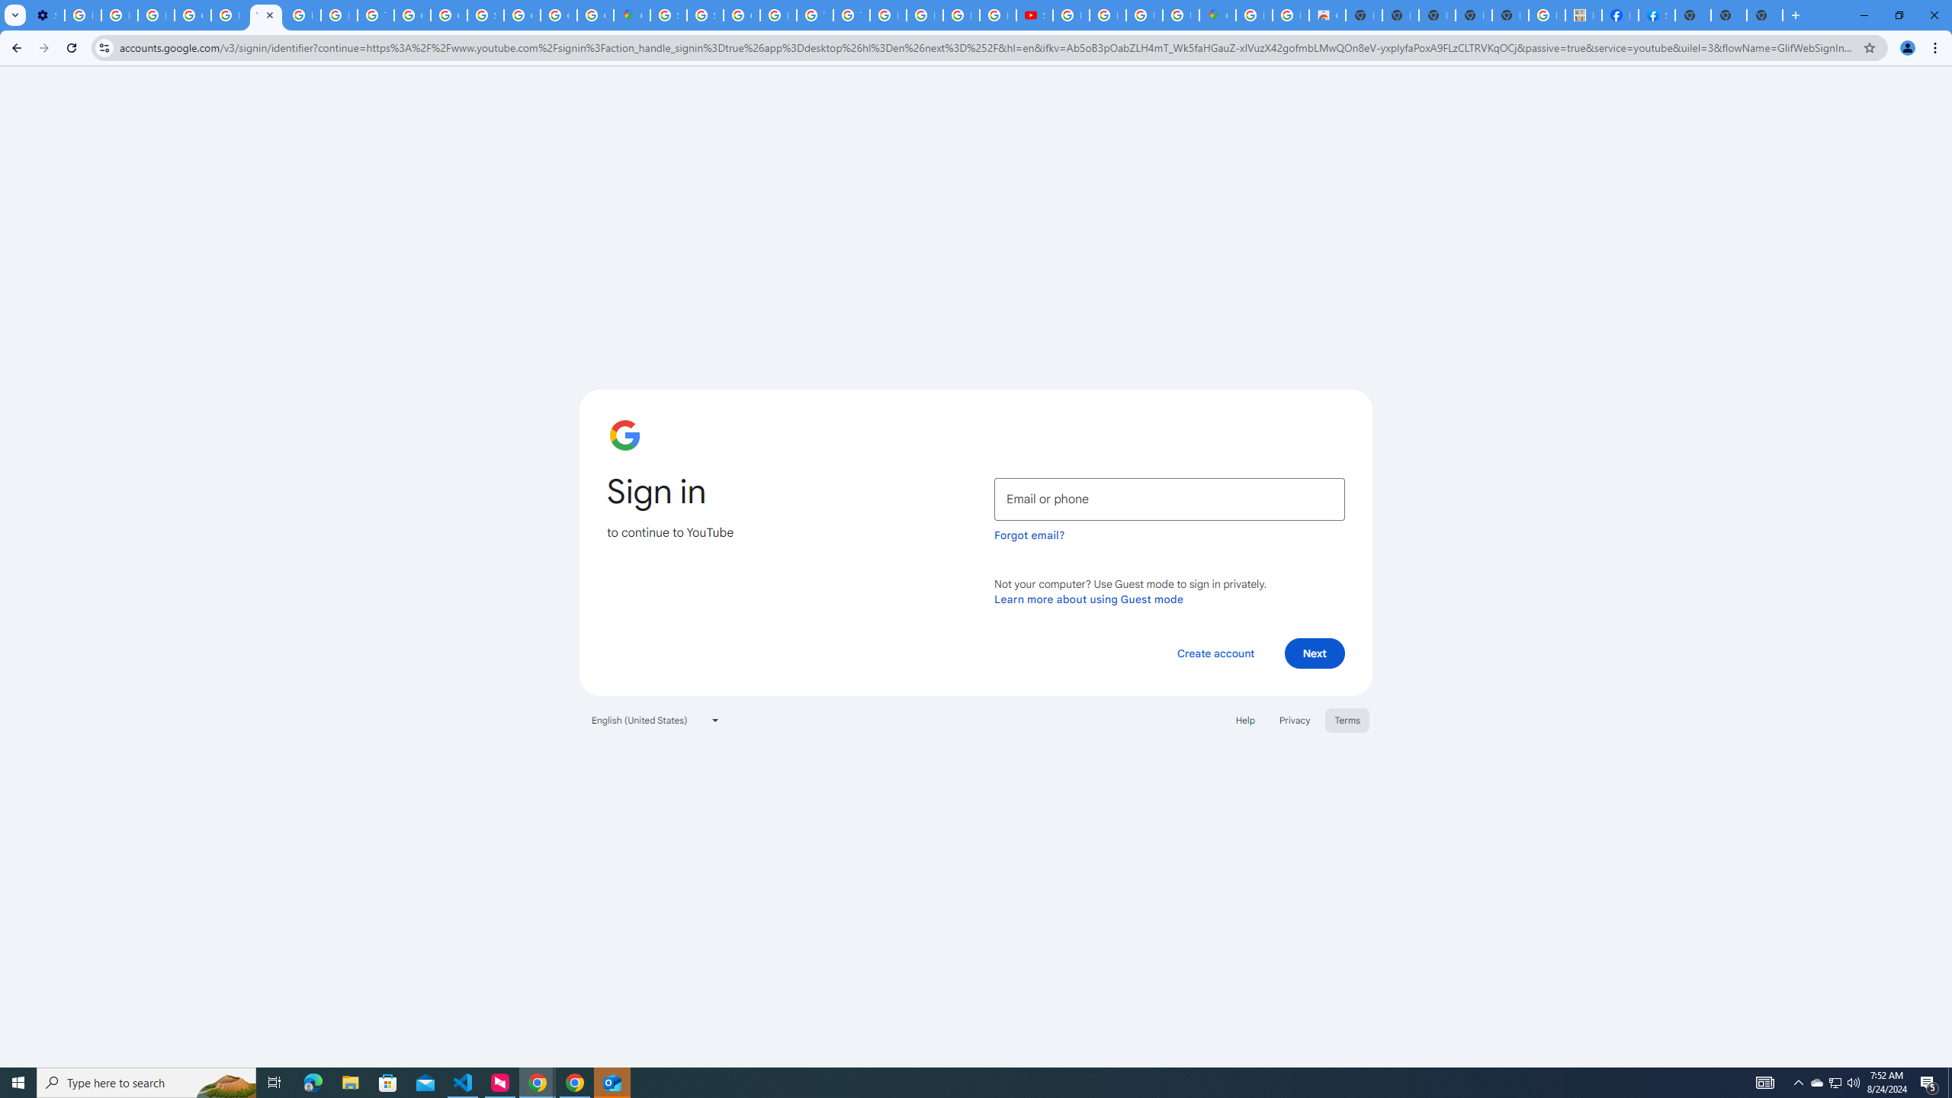  What do you see at coordinates (1215, 652) in the screenshot?
I see `'Create account'` at bounding box center [1215, 652].